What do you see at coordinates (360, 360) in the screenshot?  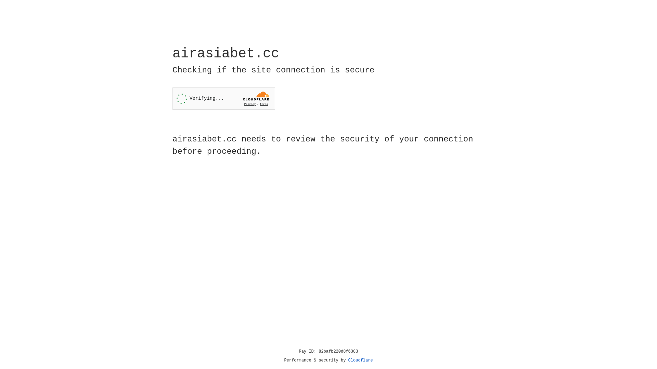 I see `'Cloudflare'` at bounding box center [360, 360].